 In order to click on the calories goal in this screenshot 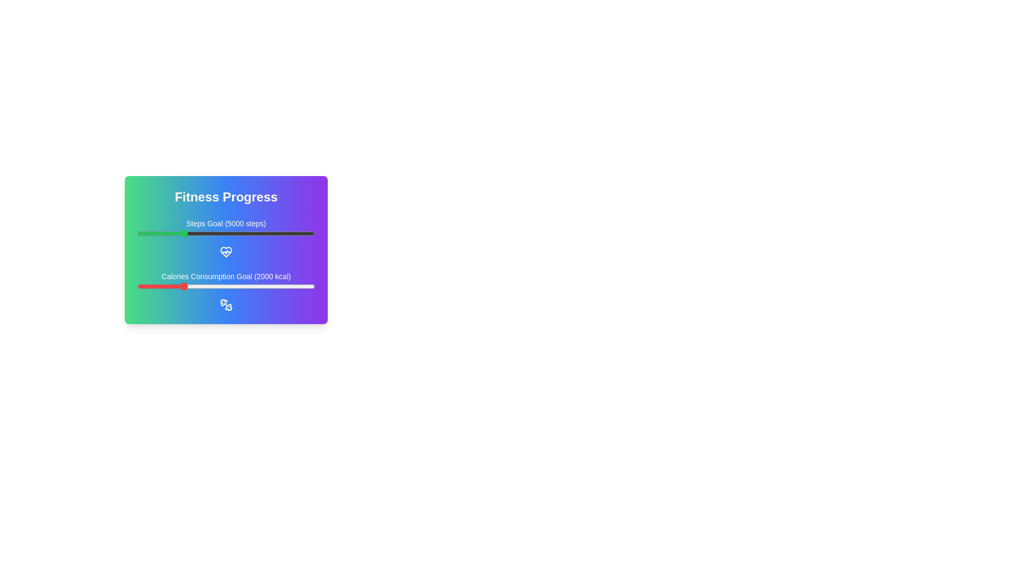, I will do `click(216, 287)`.